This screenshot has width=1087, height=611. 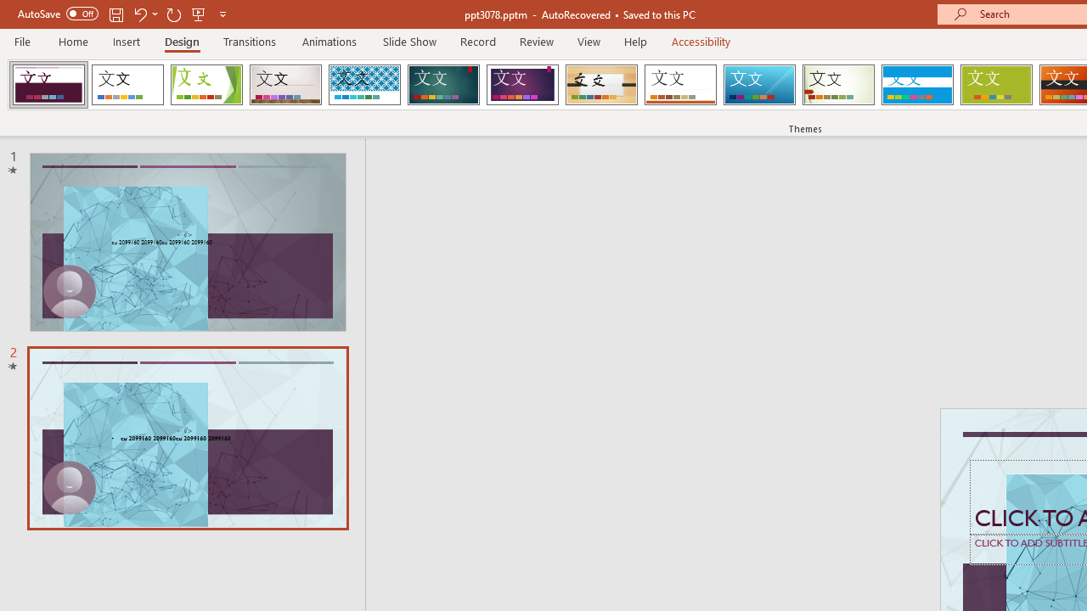 What do you see at coordinates (285, 85) in the screenshot?
I see `'Gallery'` at bounding box center [285, 85].